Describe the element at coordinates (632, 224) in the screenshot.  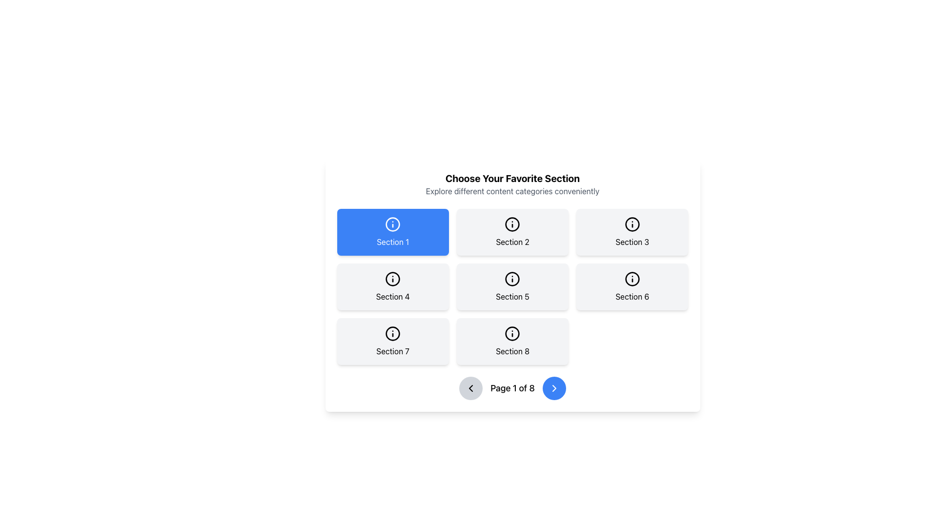
I see `the informative icon within the button labeled 'Section 3', located in the first row and third column of the grid` at that location.